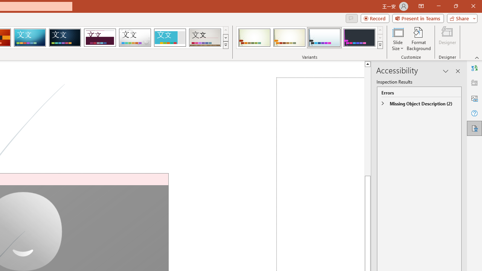 This screenshot has width=482, height=271. Describe the element at coordinates (225, 45) in the screenshot. I see `'Themes'` at that location.